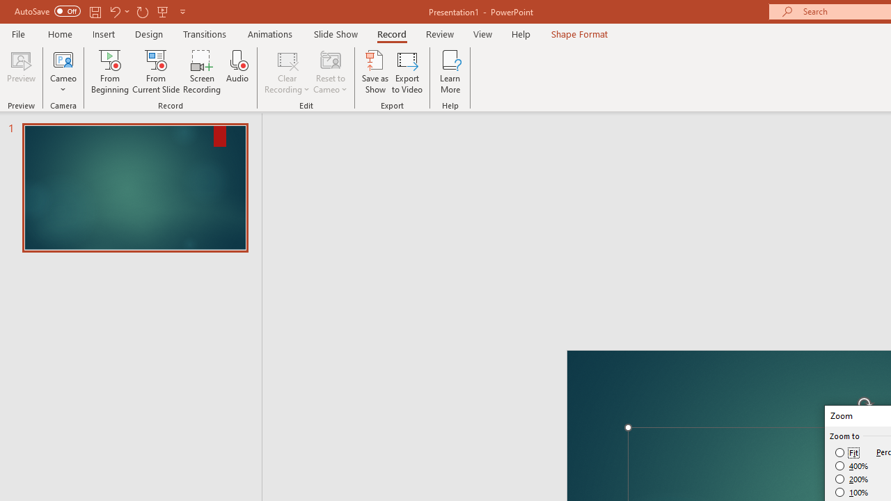 The width and height of the screenshot is (891, 501). What do you see at coordinates (407, 72) in the screenshot?
I see `'Export to Video'` at bounding box center [407, 72].